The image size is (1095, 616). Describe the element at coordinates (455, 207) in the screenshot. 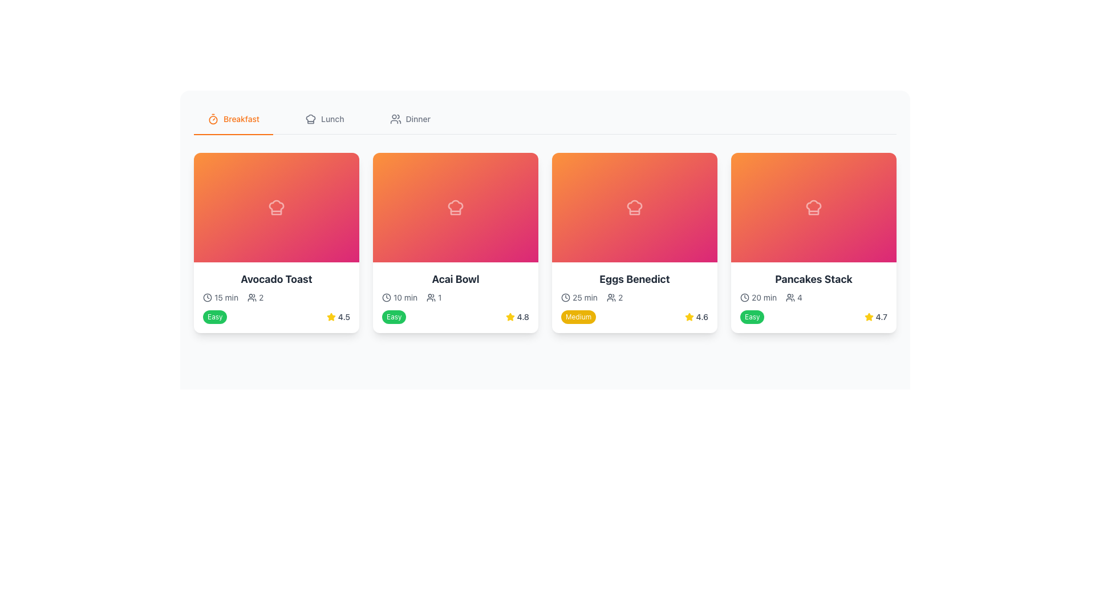

I see `the cooking or recipe themed icon located at the top section of the 'Acai Bowl' card, which is the second card from the left in a horizontal sequence of four cards` at that location.